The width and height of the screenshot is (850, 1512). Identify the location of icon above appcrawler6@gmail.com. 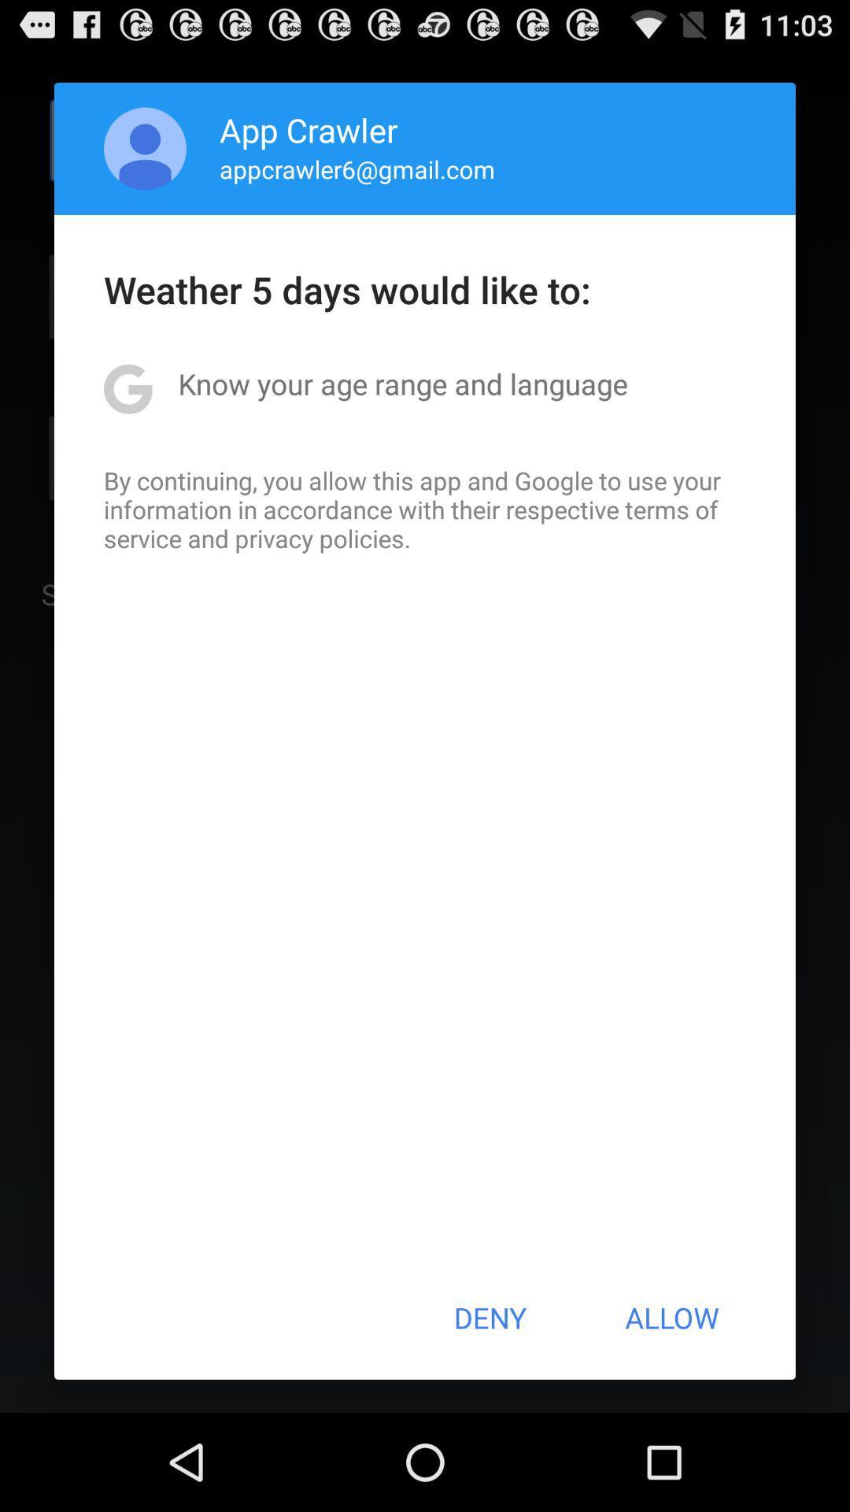
(309, 129).